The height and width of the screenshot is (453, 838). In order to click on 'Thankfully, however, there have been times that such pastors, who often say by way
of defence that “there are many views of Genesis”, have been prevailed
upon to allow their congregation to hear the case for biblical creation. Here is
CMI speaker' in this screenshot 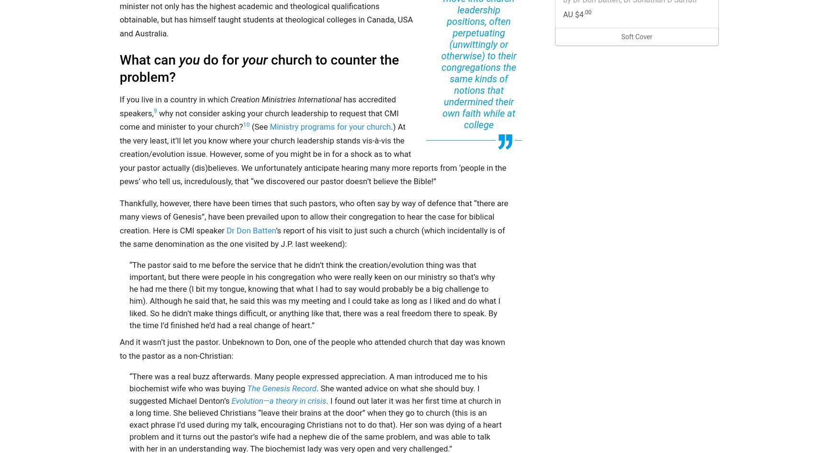, I will do `click(313, 216)`.